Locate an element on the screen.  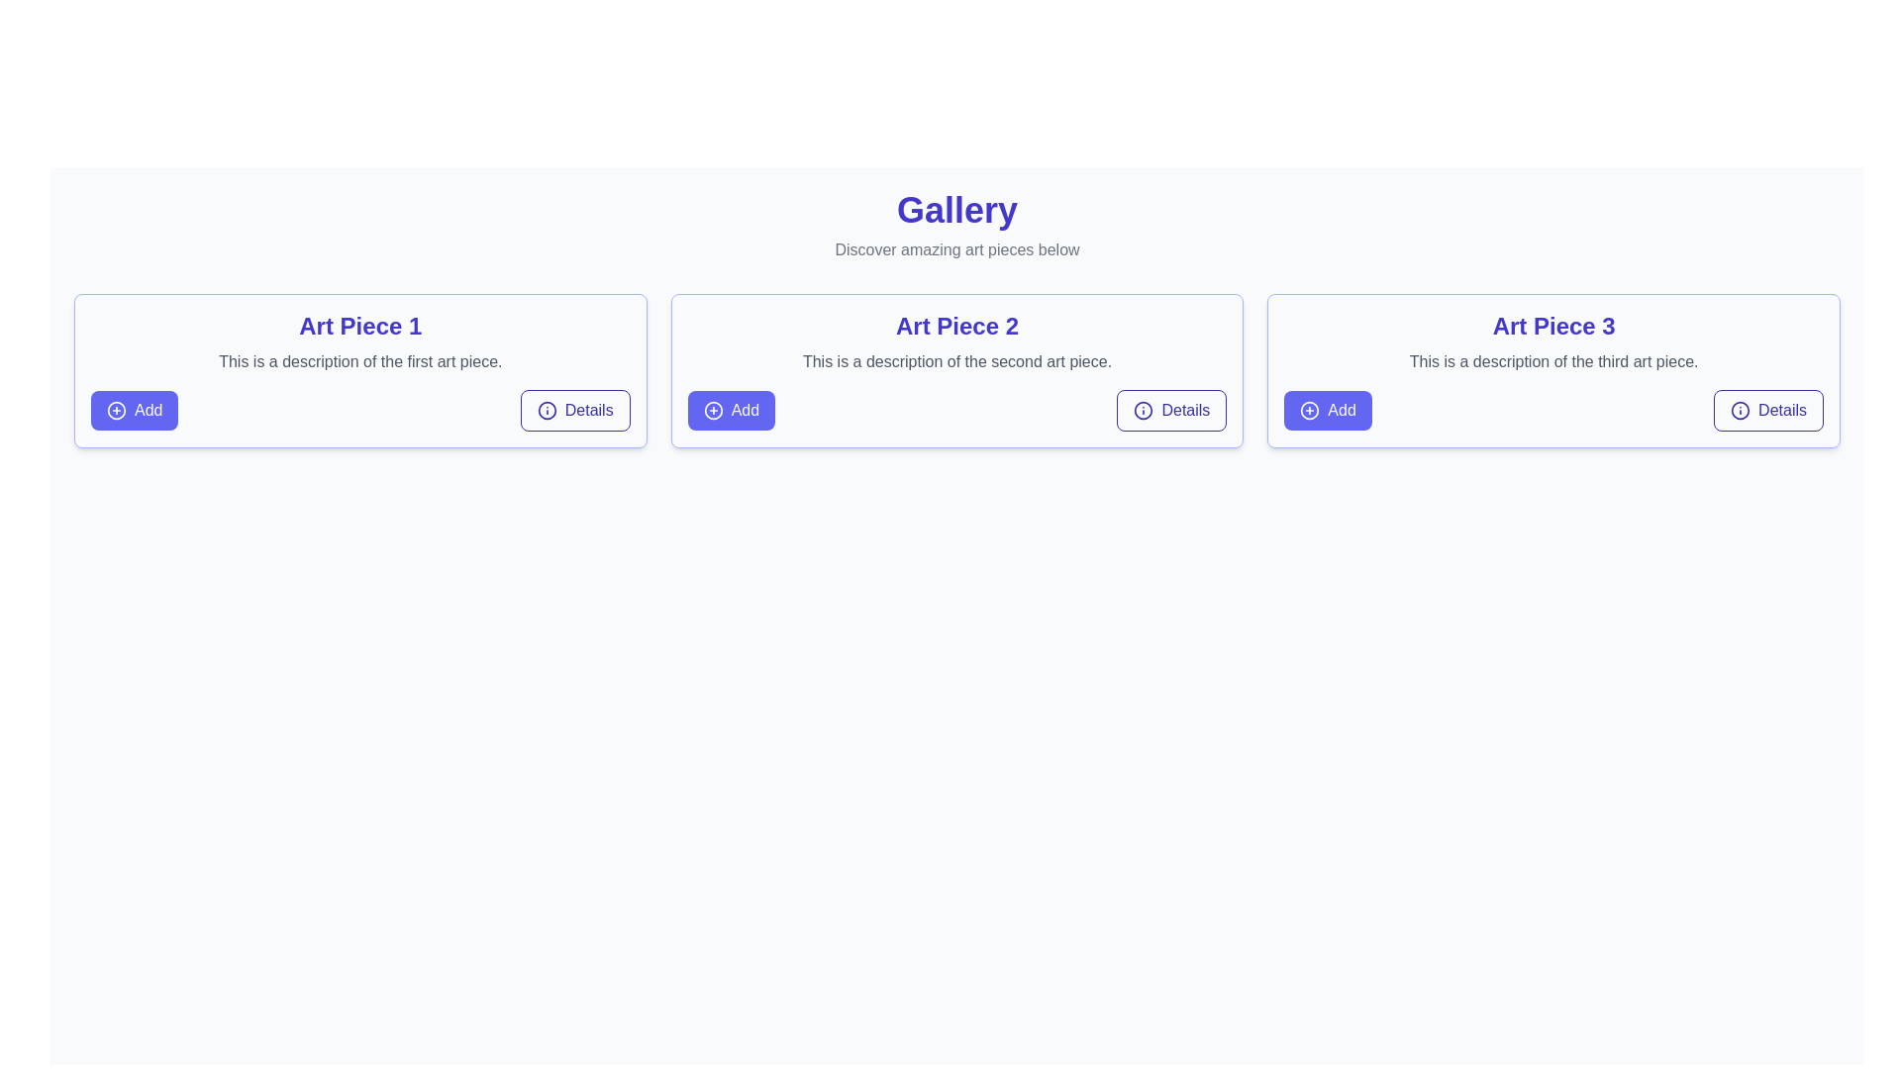
first SVG Circle element of the 'info' icon within the 'Details' button of the second card on the page is located at coordinates (1144, 410).